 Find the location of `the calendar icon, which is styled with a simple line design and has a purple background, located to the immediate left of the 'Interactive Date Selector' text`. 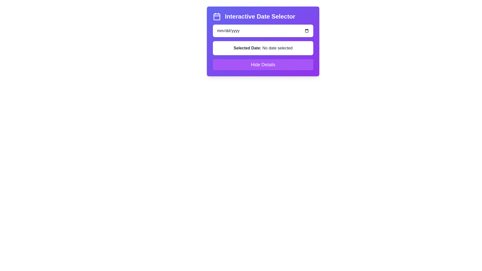

the calendar icon, which is styled with a simple line design and has a purple background, located to the immediate left of the 'Interactive Date Selector' text is located at coordinates (217, 16).